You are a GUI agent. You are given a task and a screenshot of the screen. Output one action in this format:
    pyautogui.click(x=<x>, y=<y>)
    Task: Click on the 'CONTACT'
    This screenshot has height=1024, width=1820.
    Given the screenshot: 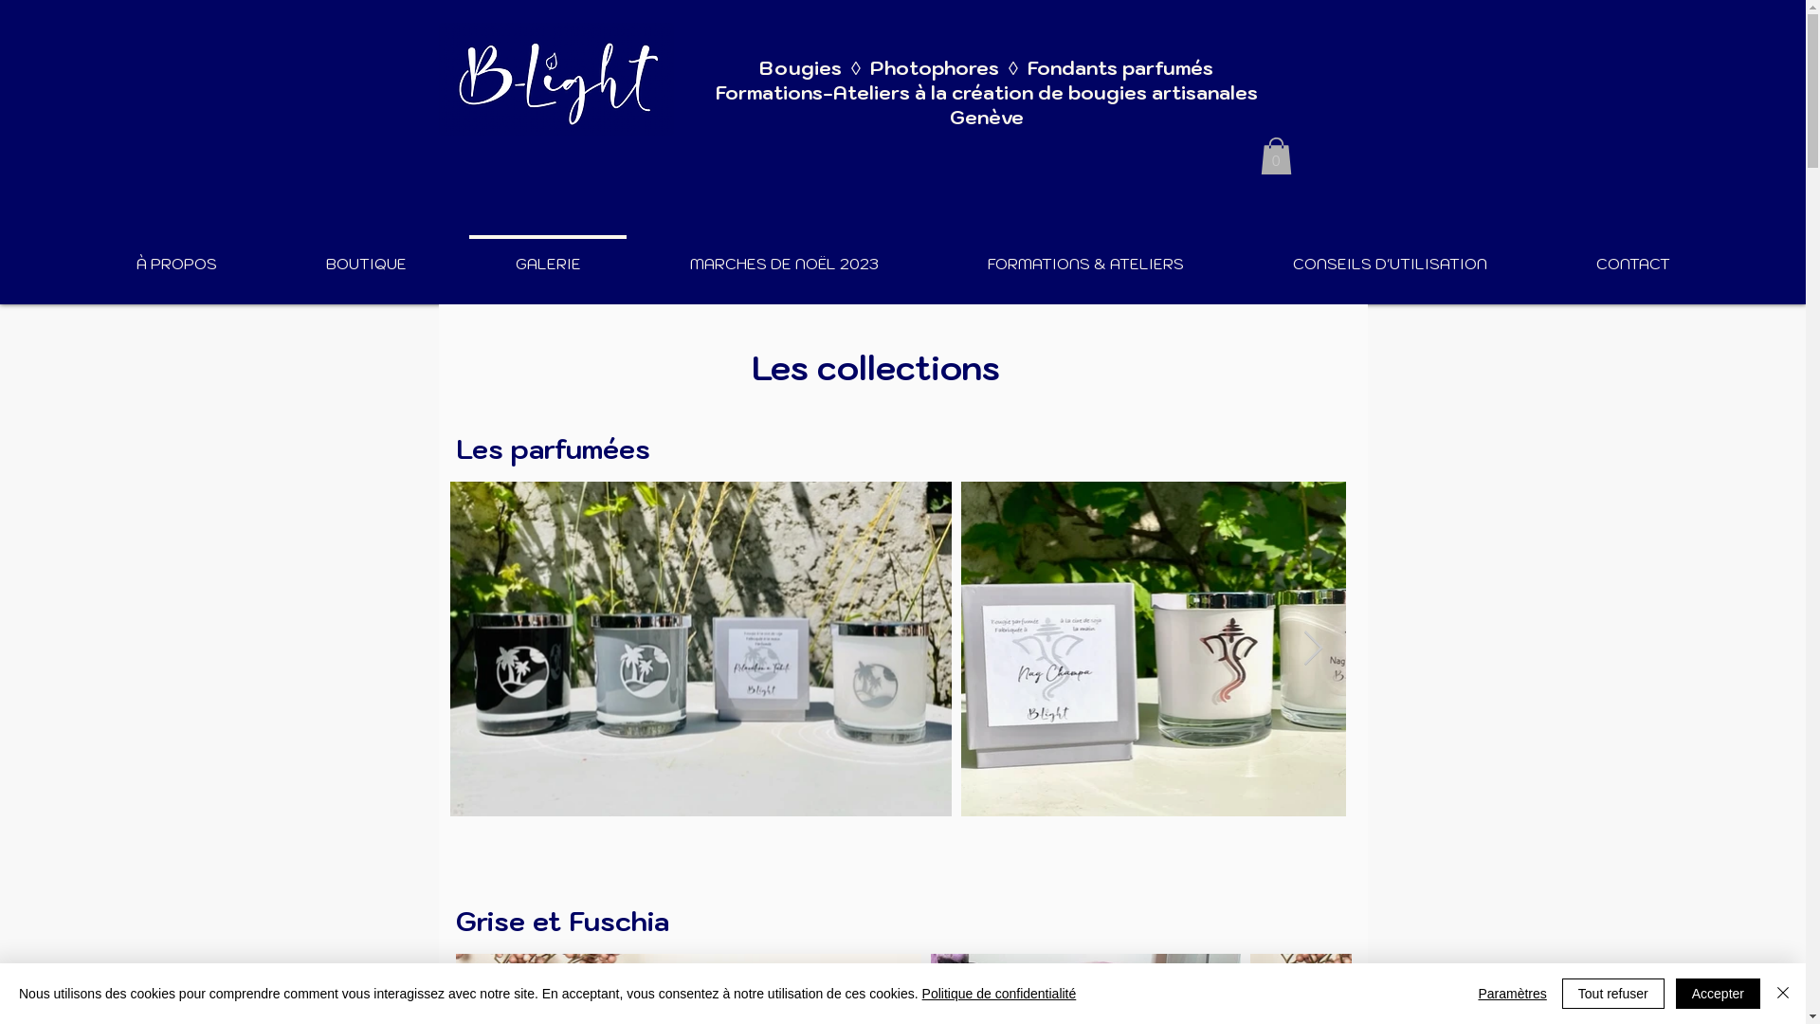 What is the action you would take?
    pyautogui.click(x=1631, y=254)
    